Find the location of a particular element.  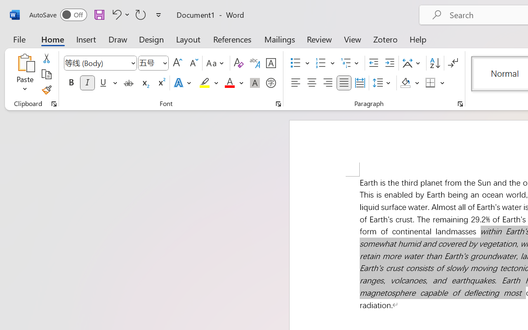

'Format Painter' is located at coordinates (46, 90).